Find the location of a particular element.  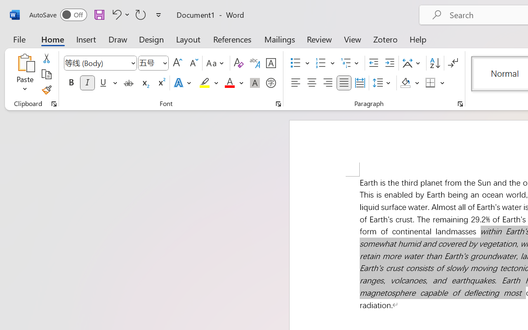

'Format Painter' is located at coordinates (46, 90).